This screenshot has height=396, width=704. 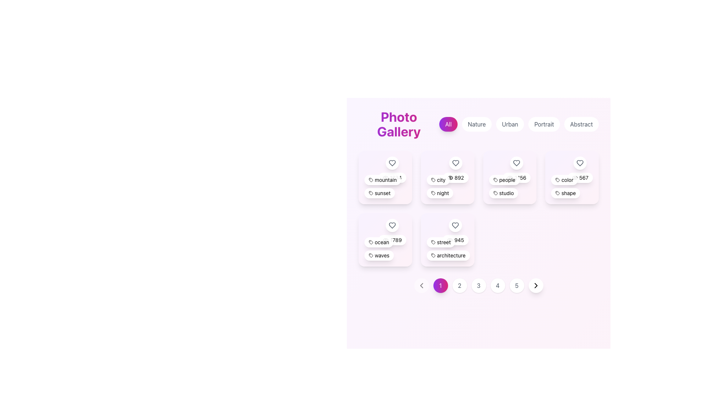 I want to click on the heart icon button located in the top-right section of the 'ocean' and '789' card, so click(x=392, y=225).